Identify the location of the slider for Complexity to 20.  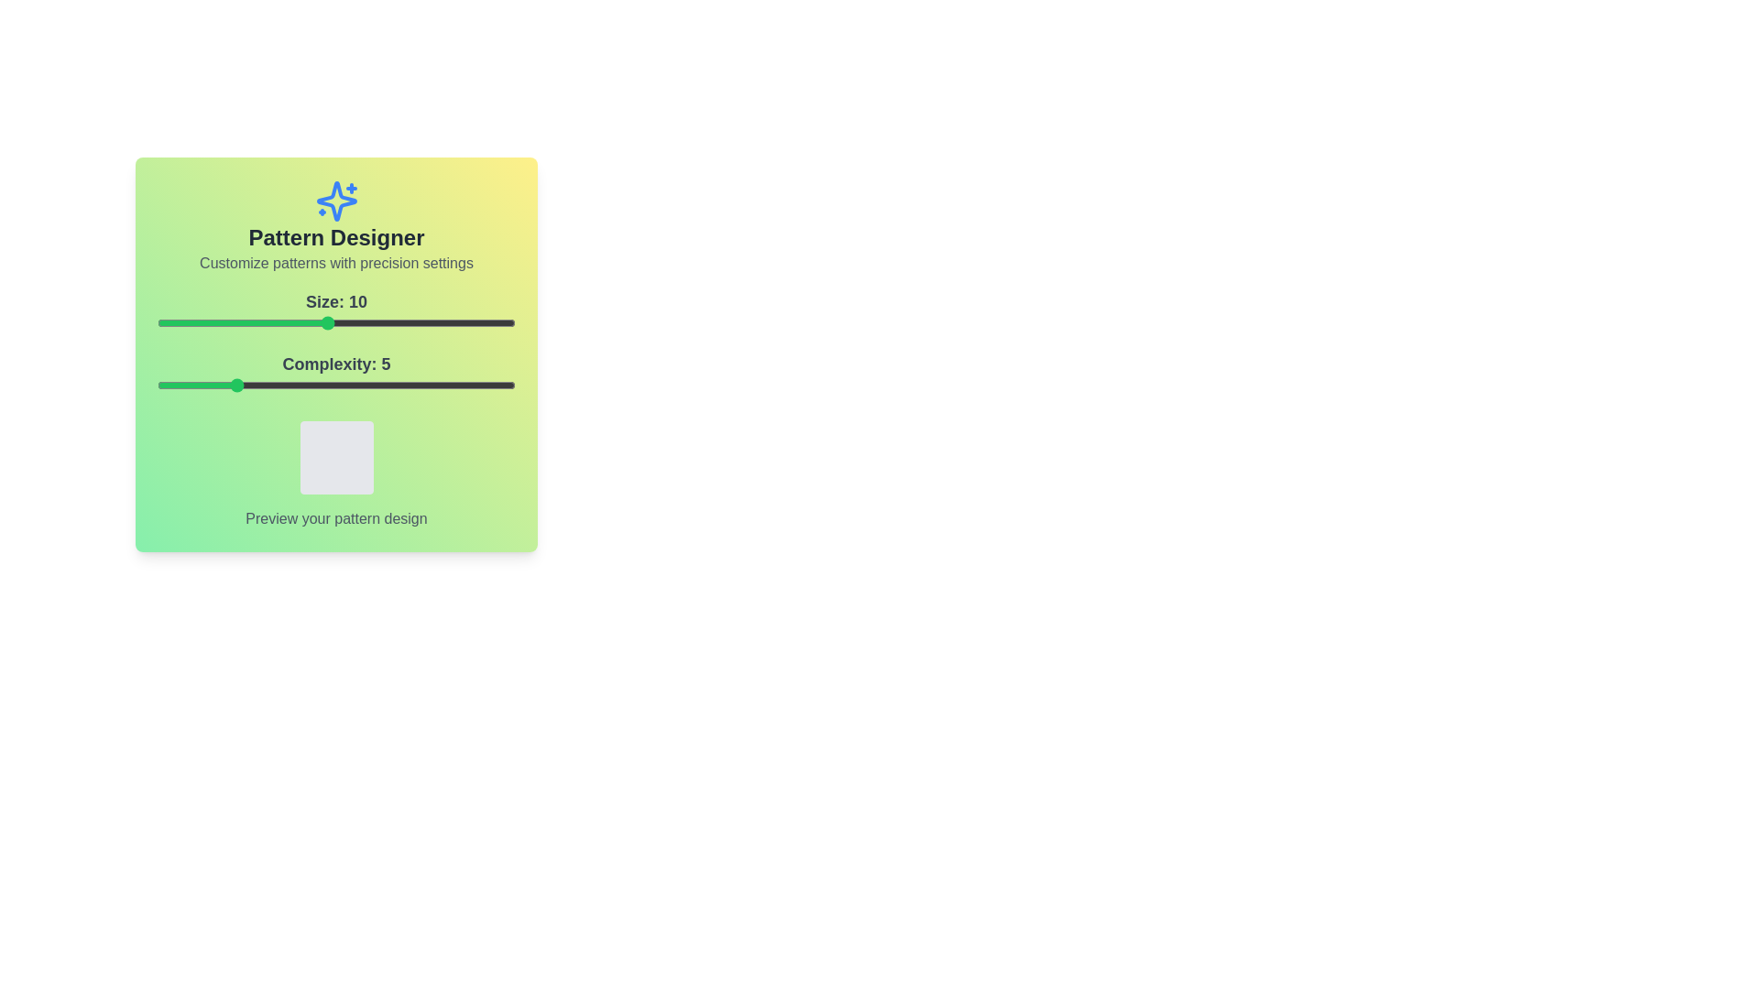
(514, 384).